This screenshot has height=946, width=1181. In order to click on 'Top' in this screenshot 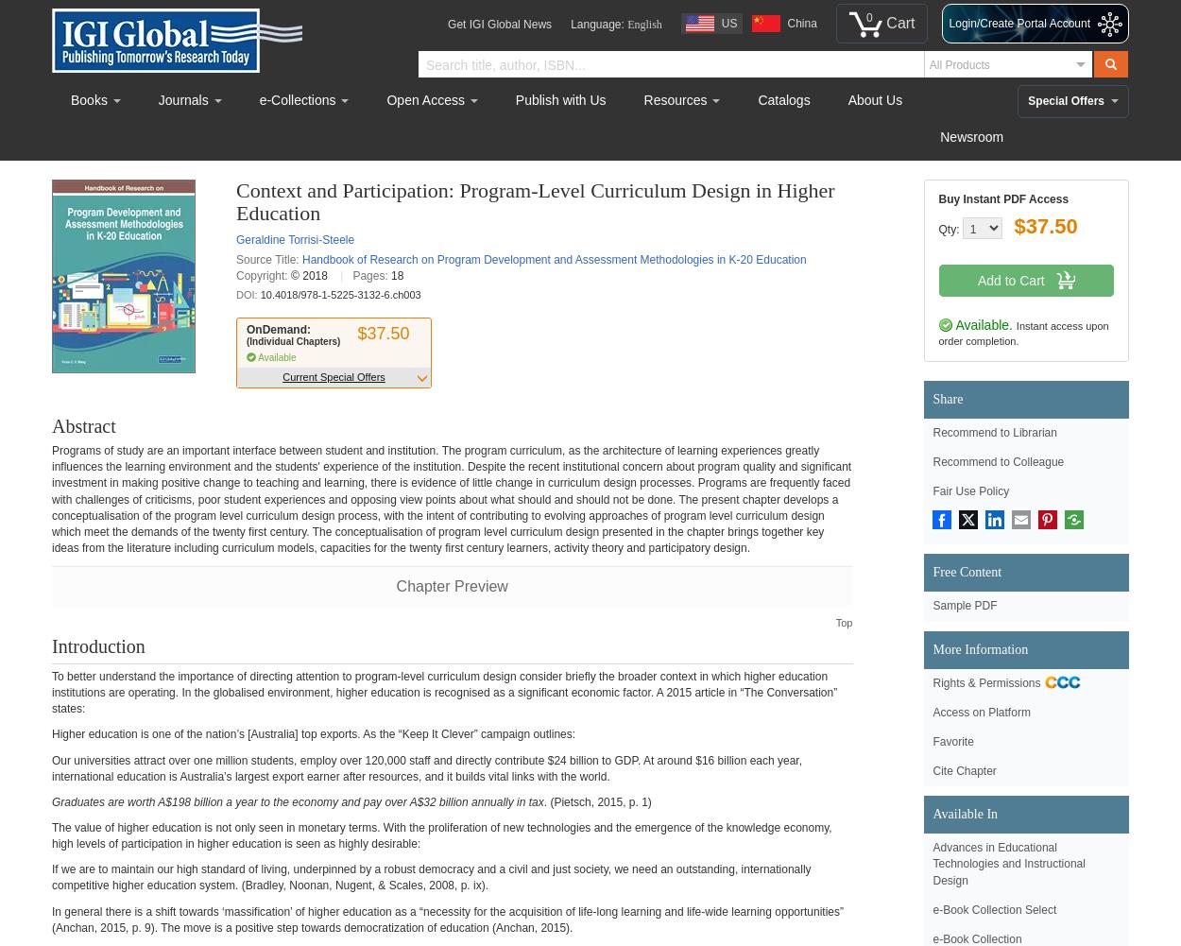, I will do `click(844, 621)`.